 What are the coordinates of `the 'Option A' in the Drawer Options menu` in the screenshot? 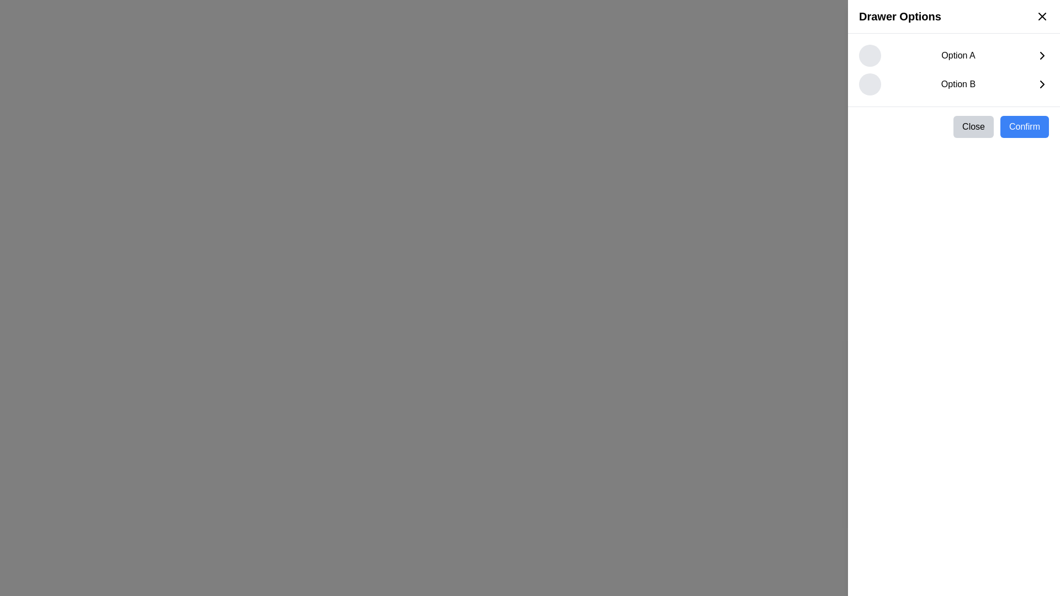 It's located at (953, 70).